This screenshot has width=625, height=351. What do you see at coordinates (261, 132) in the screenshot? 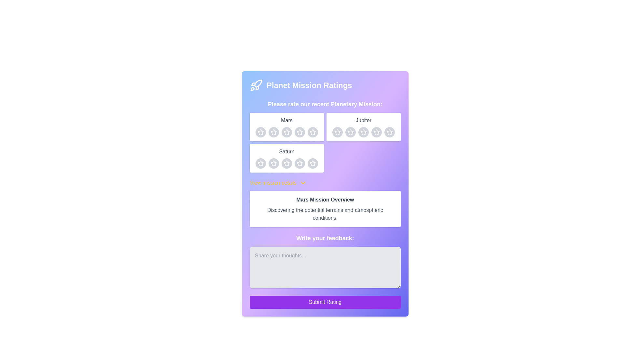
I see `the first star icon for rating associated with 'Mars'` at bounding box center [261, 132].